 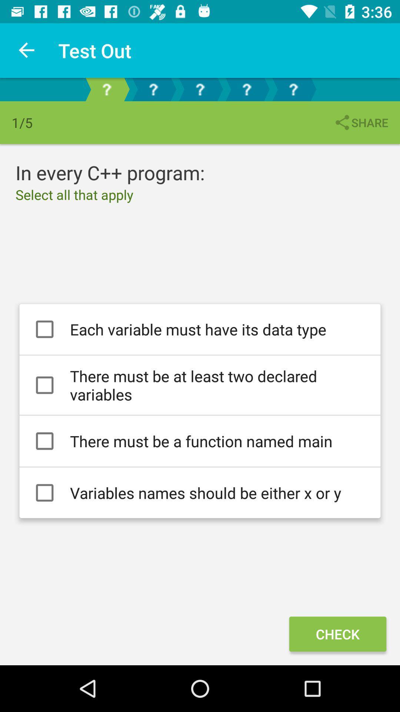 What do you see at coordinates (337, 633) in the screenshot?
I see `the check icon` at bounding box center [337, 633].